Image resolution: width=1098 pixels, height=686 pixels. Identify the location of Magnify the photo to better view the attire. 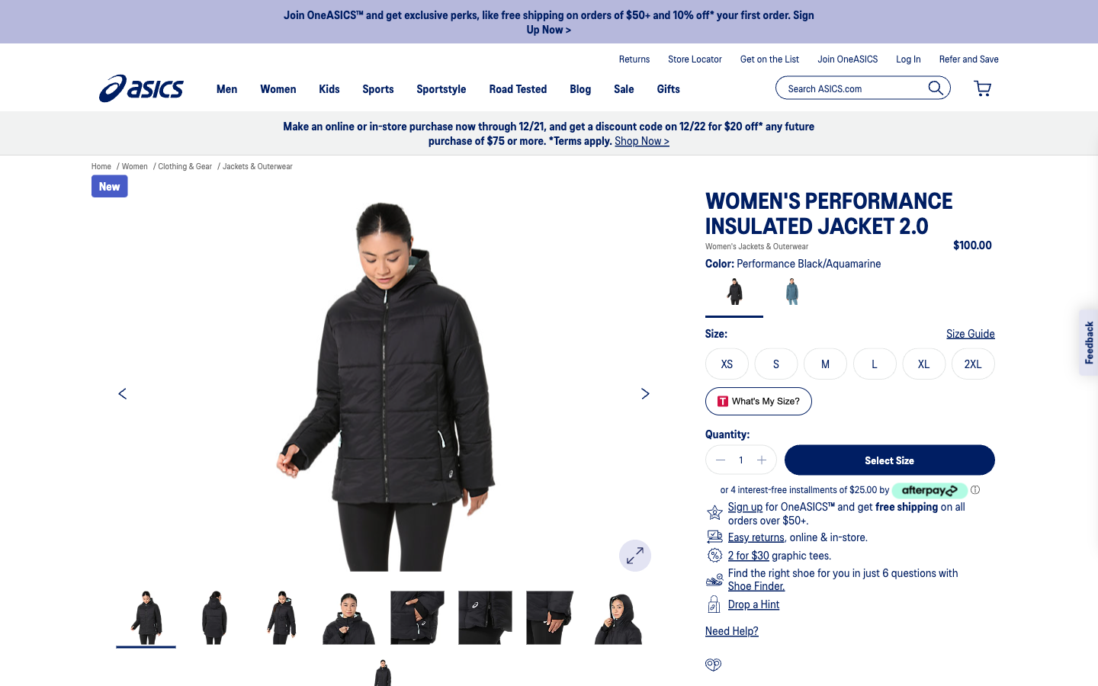
(635, 555).